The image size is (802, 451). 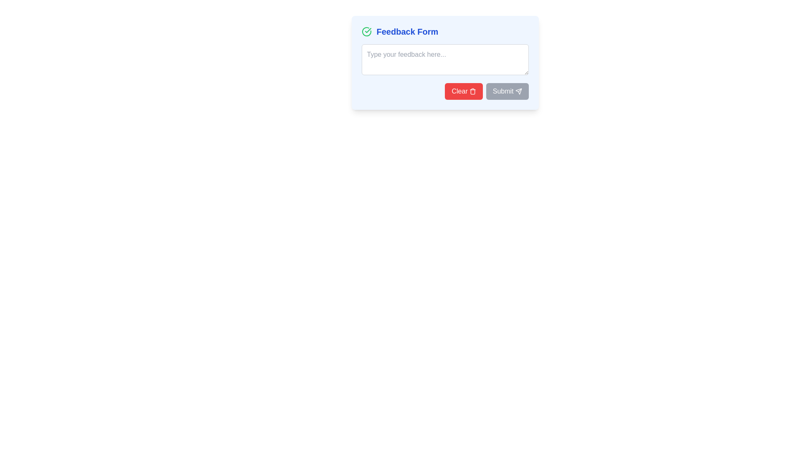 What do you see at coordinates (507, 91) in the screenshot?
I see `the submission button located in the bottom-right corner of the form, which is currently disabled and non-interactive` at bounding box center [507, 91].